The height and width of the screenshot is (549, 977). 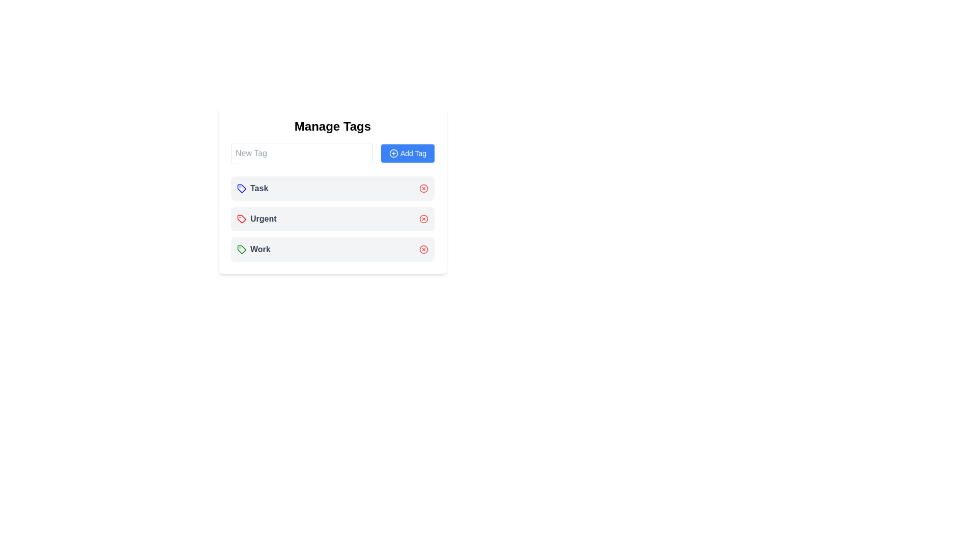 I want to click on the circular part of the delete icon for the 'Work' tag, which is located at the far right of the 'Work' list item in the bottom-most position of the three available list items, so click(x=424, y=249).